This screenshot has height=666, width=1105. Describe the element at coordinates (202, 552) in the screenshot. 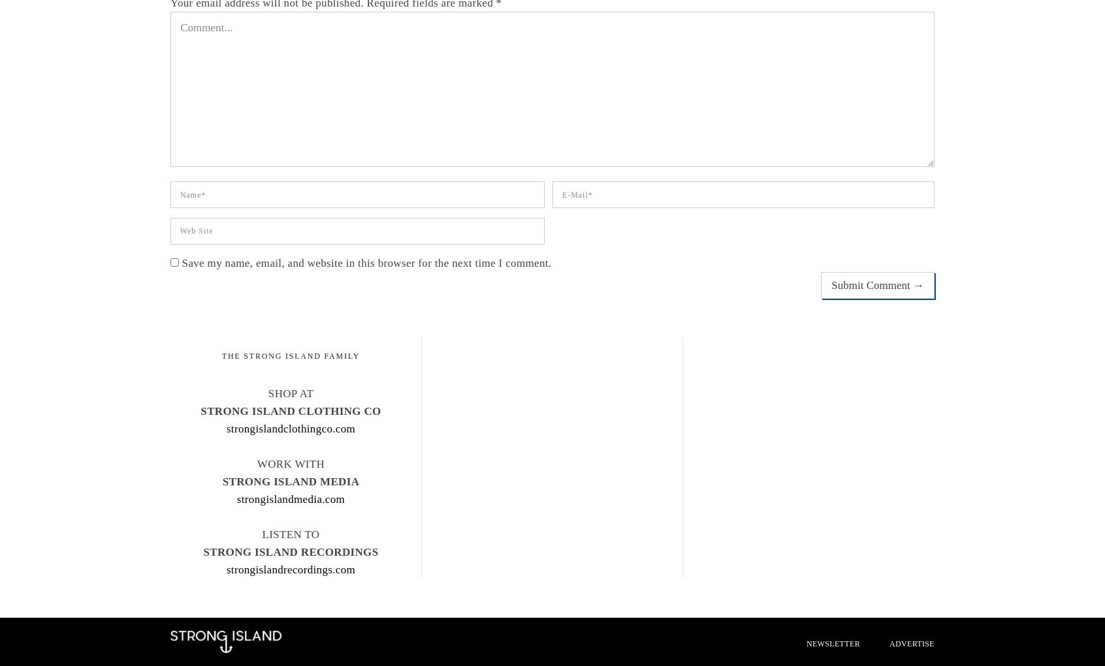

I see `'STRONG ISLAND RECORDINGS'` at that location.